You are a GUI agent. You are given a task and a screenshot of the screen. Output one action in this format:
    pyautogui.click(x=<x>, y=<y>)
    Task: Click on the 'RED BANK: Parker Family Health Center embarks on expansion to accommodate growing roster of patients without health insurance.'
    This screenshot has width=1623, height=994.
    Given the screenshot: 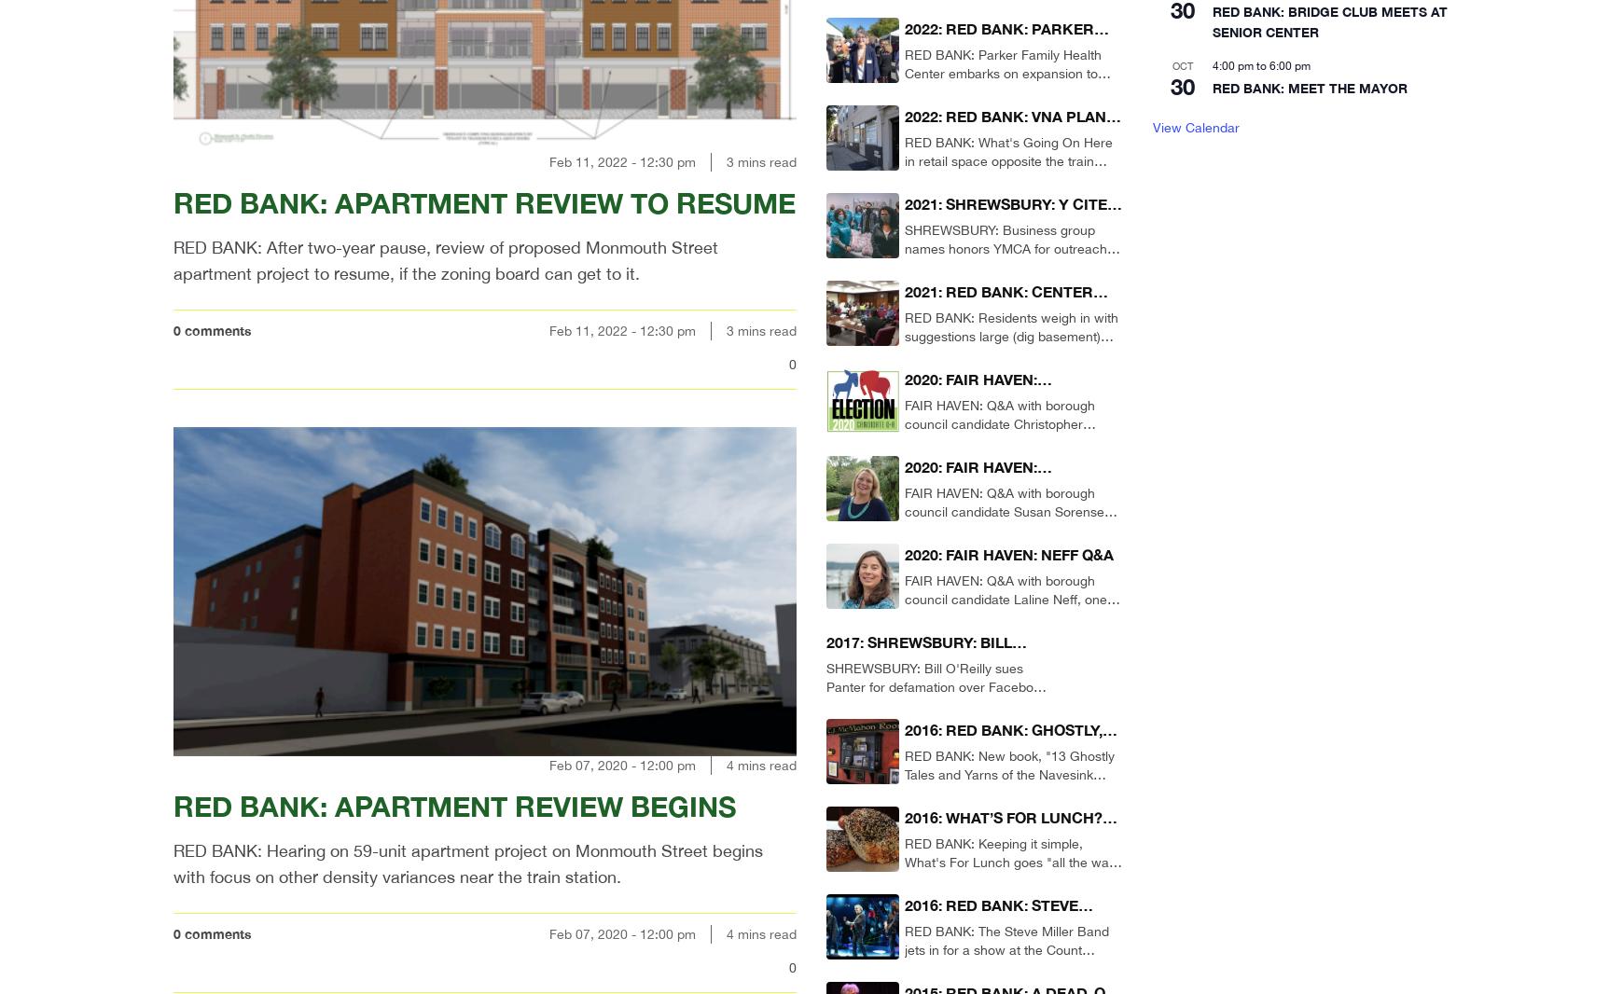 What is the action you would take?
    pyautogui.click(x=904, y=82)
    